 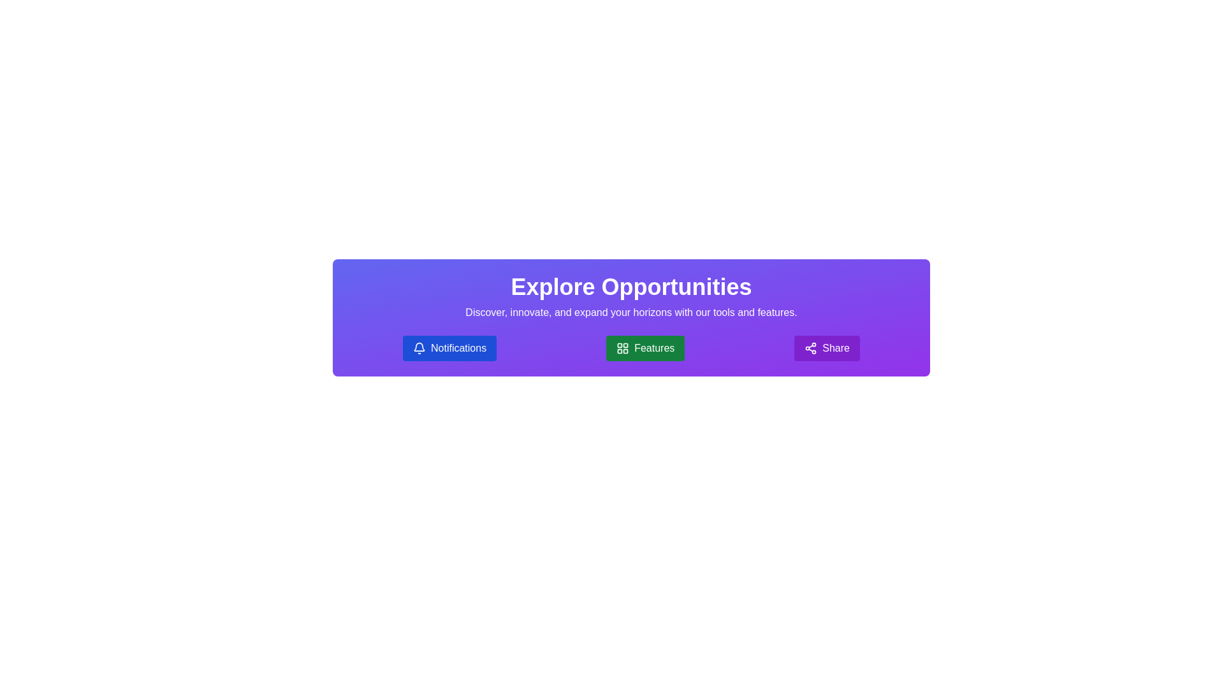 I want to click on the 'Share' button that contains the share icon, which is represented by three circles connected by two angled lines, located in the bottom row of buttons, so click(x=810, y=348).